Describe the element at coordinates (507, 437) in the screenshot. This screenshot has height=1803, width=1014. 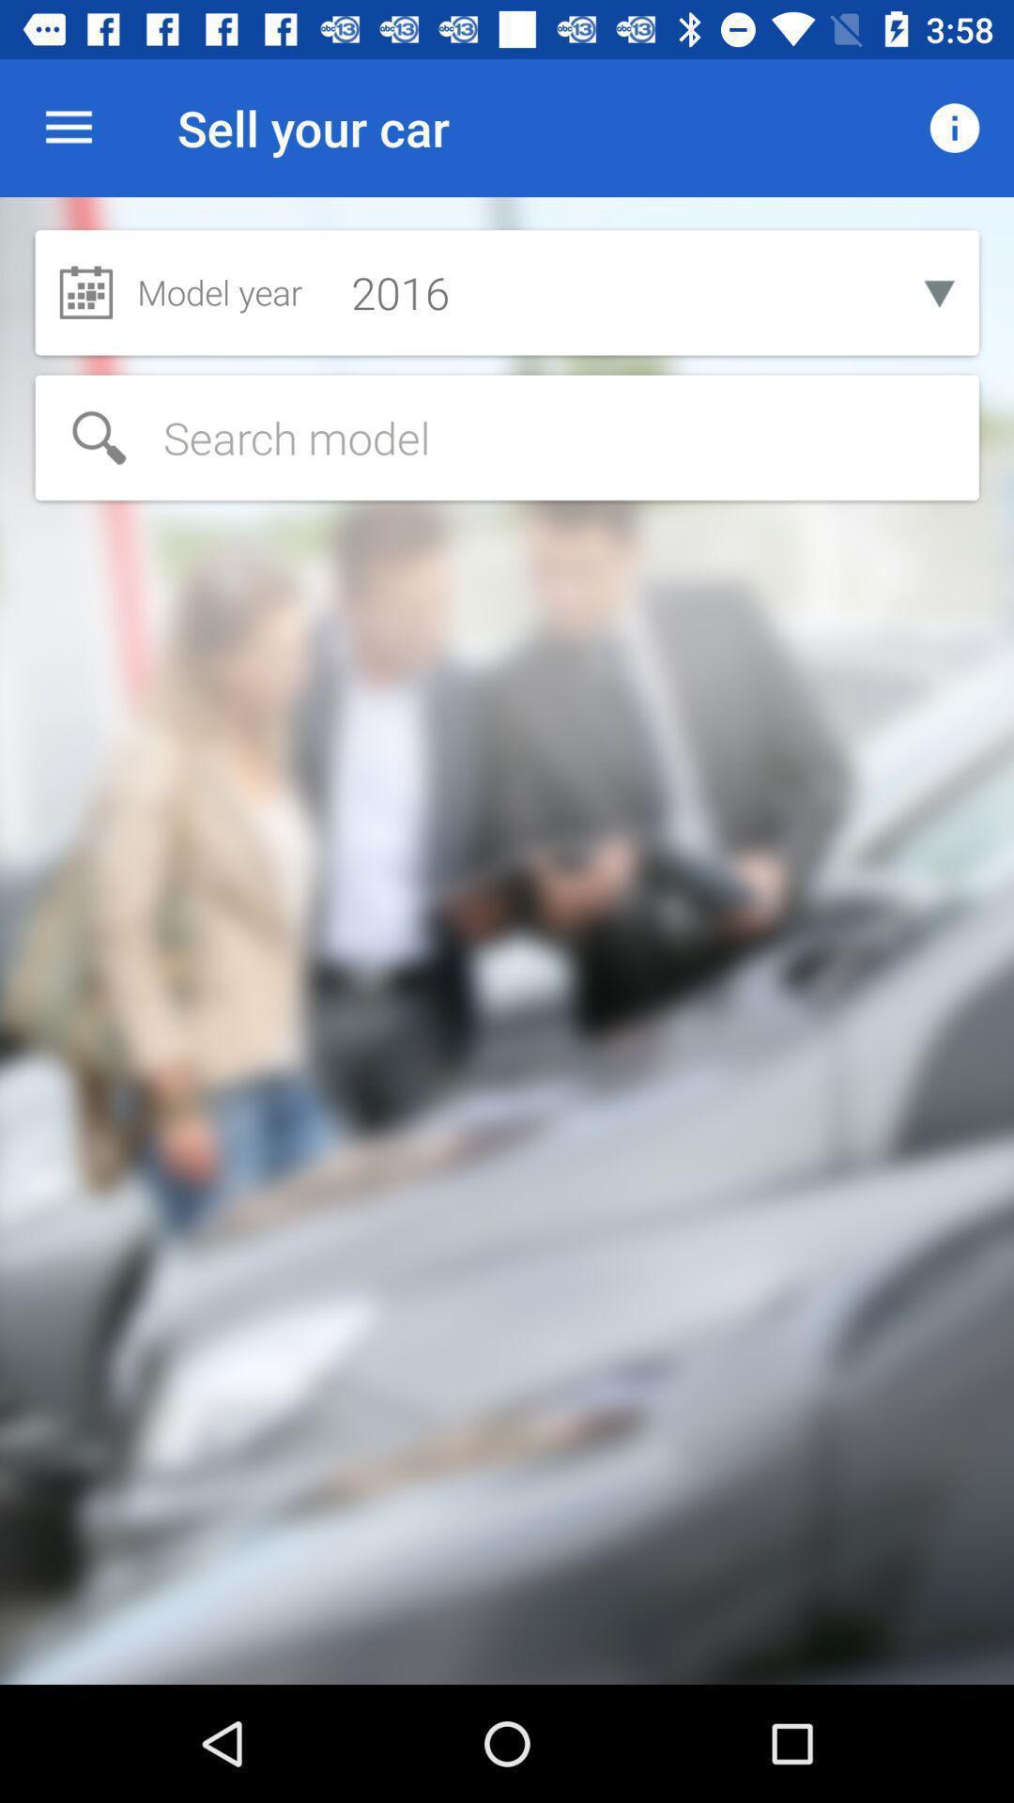
I see `search model` at that location.